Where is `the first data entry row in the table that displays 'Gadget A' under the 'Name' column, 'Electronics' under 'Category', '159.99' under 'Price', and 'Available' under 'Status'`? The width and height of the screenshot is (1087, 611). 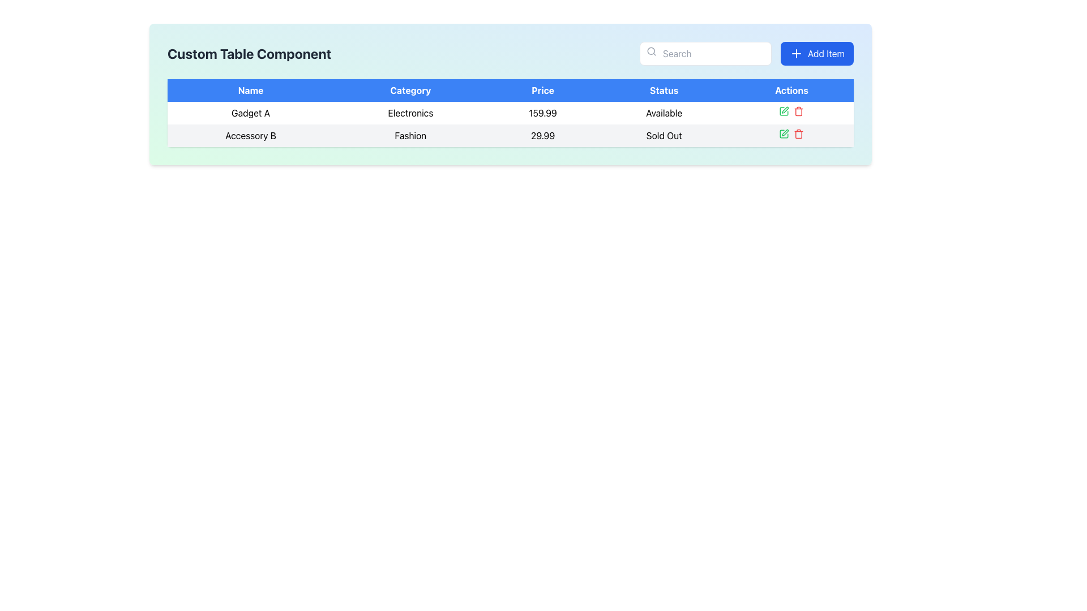
the first data entry row in the table that displays 'Gadget A' under the 'Name' column, 'Electronics' under 'Category', '159.99' under 'Price', and 'Available' under 'Status' is located at coordinates (510, 124).